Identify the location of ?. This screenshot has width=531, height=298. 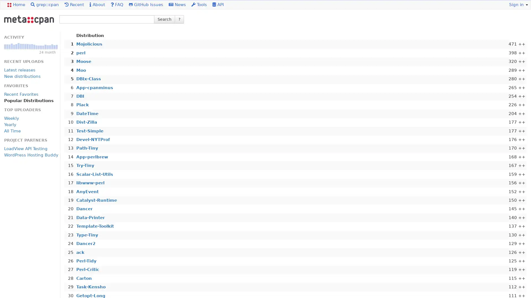
(179, 19).